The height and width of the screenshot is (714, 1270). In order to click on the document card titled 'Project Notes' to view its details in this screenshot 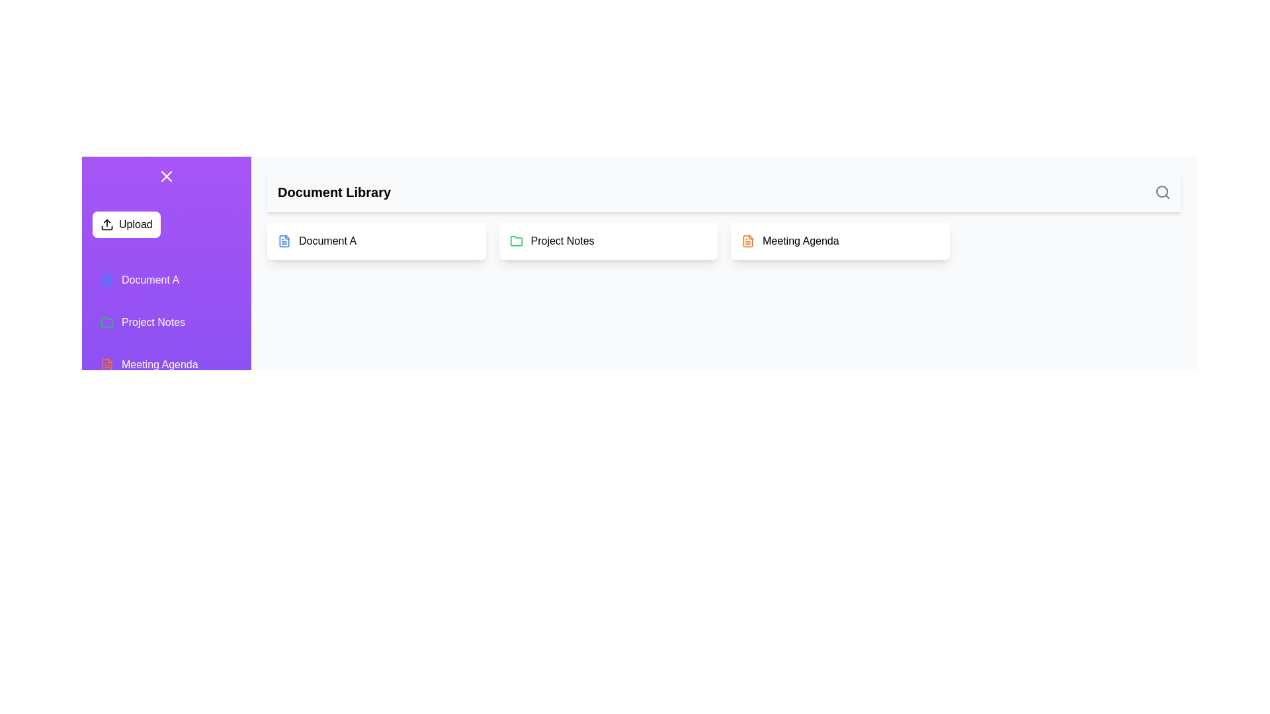, I will do `click(608, 241)`.